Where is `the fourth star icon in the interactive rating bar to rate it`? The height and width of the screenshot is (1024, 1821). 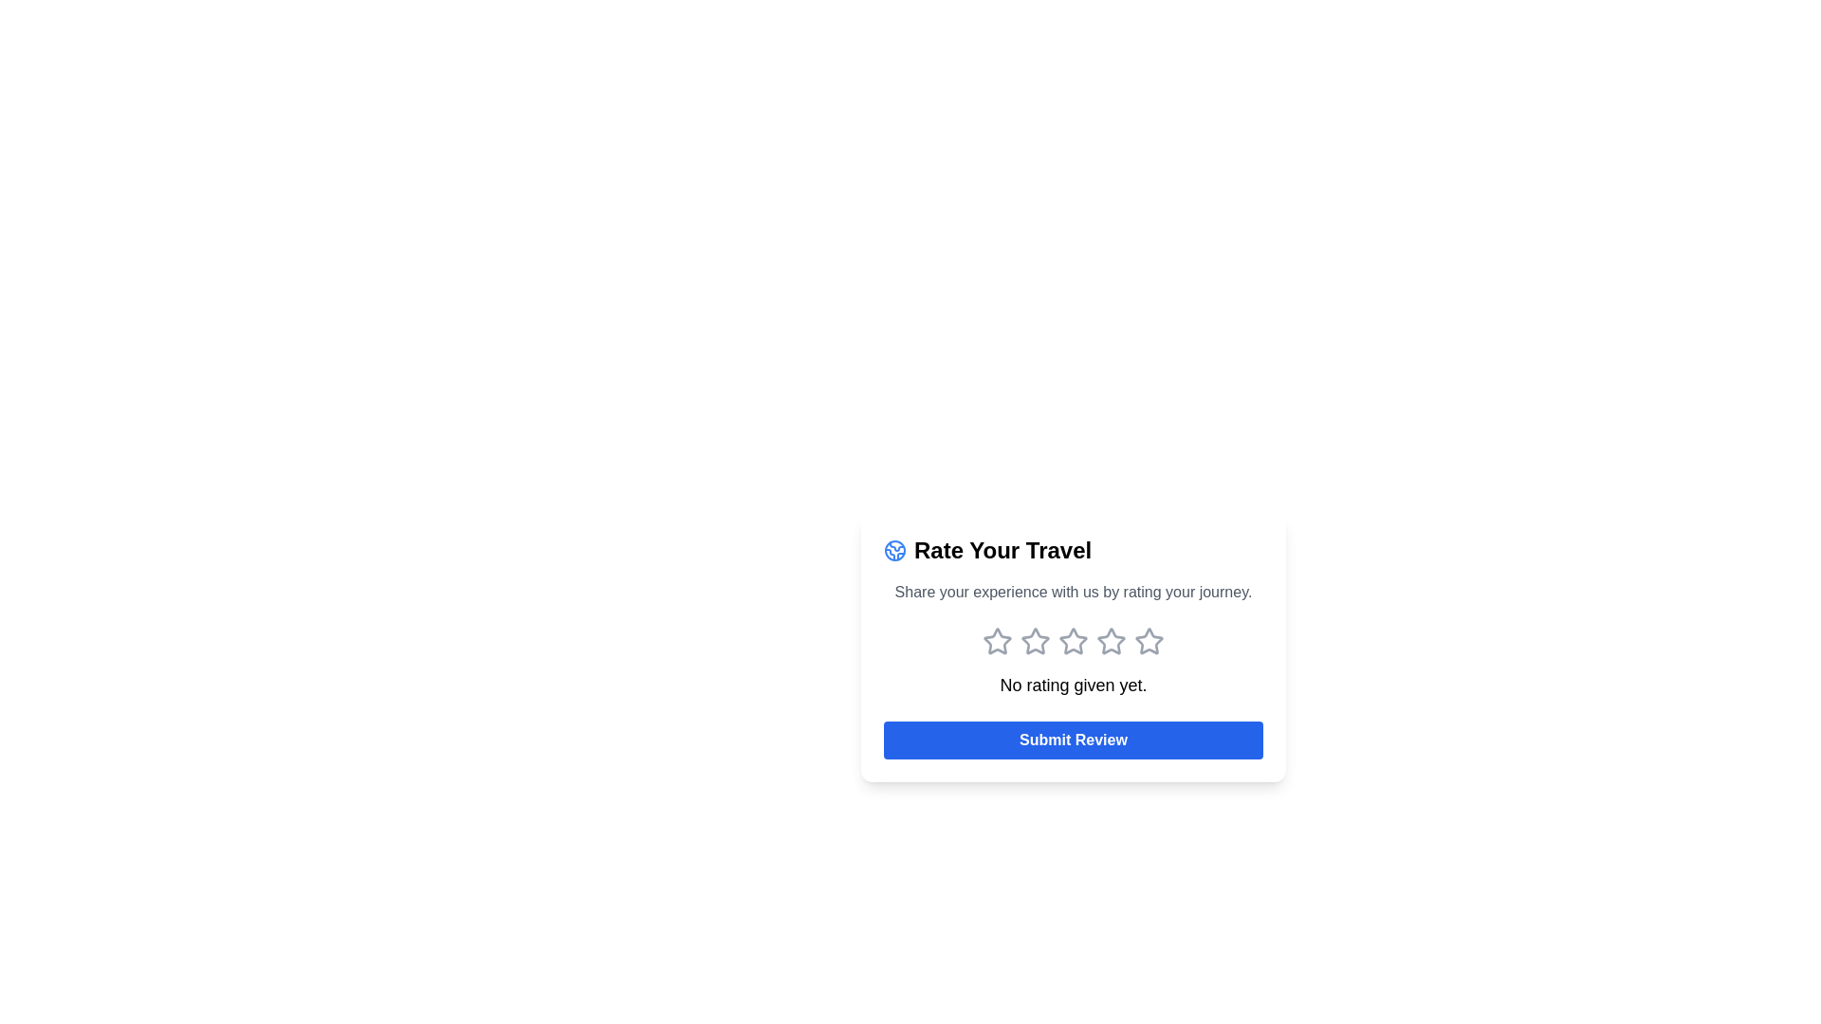 the fourth star icon in the interactive rating bar to rate it is located at coordinates (1111, 641).